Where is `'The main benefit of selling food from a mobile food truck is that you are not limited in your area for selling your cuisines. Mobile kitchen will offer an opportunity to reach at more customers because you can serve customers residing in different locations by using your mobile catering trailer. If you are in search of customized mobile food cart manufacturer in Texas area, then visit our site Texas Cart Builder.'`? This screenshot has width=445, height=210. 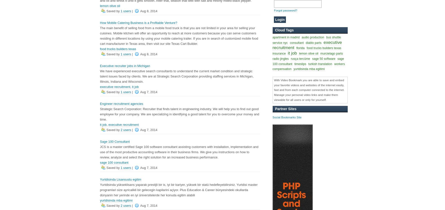 'The main benefit of selling food from a mobile food truck is that you are not limited in your area for selling your cuisines. Mobile kitchen will offer an opportunity to reach at more customers because you can serve customers residing in different locations by using your mobile catering trailer. If you are in search of customized mobile food cart manufacturer in Texas area, then visit our site Texas Cart Builder.' is located at coordinates (179, 35).